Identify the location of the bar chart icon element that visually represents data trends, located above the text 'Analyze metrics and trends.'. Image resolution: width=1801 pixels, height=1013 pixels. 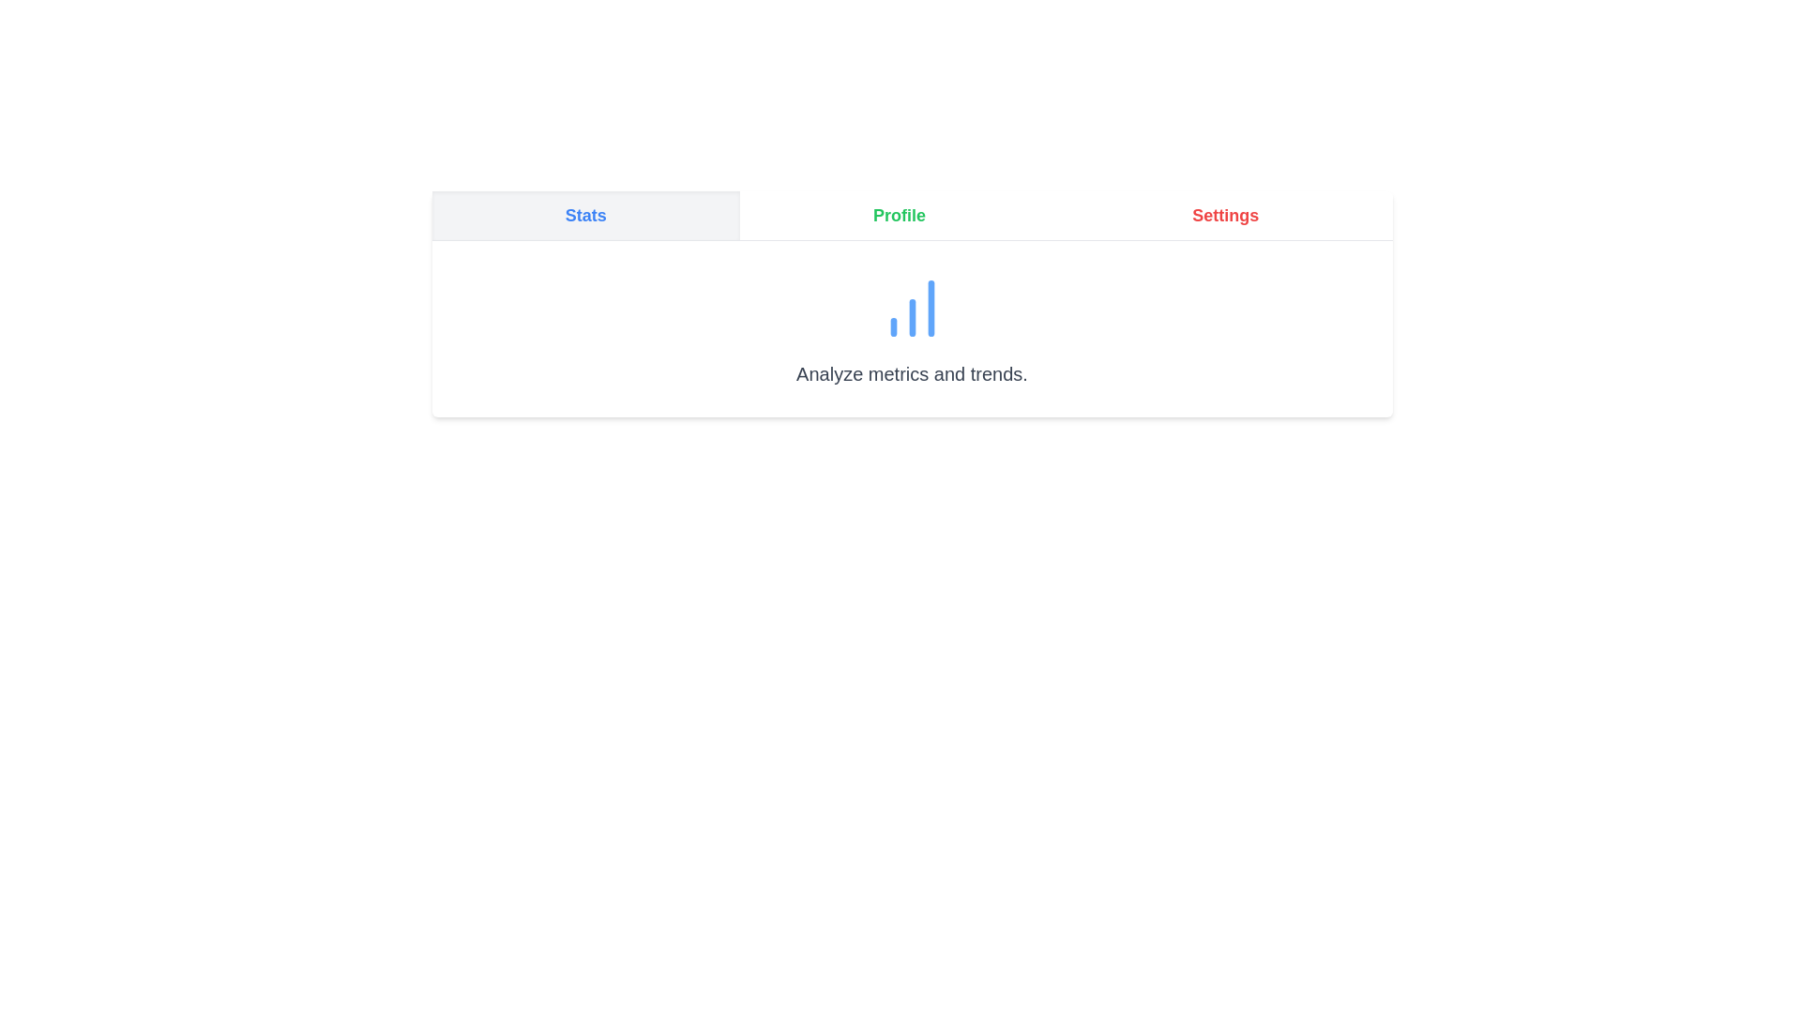
(912, 307).